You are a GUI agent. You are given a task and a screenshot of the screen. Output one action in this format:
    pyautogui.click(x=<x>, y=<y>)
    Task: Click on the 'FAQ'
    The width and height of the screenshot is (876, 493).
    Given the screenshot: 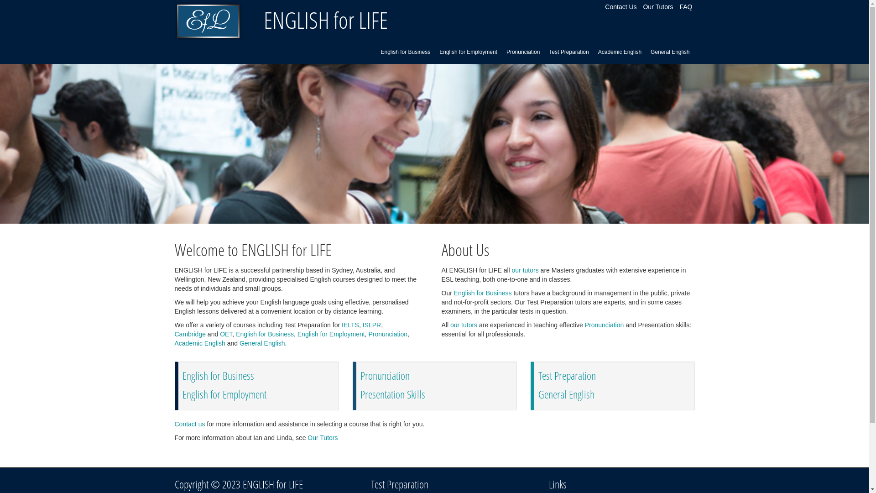 What is the action you would take?
    pyautogui.click(x=679, y=7)
    